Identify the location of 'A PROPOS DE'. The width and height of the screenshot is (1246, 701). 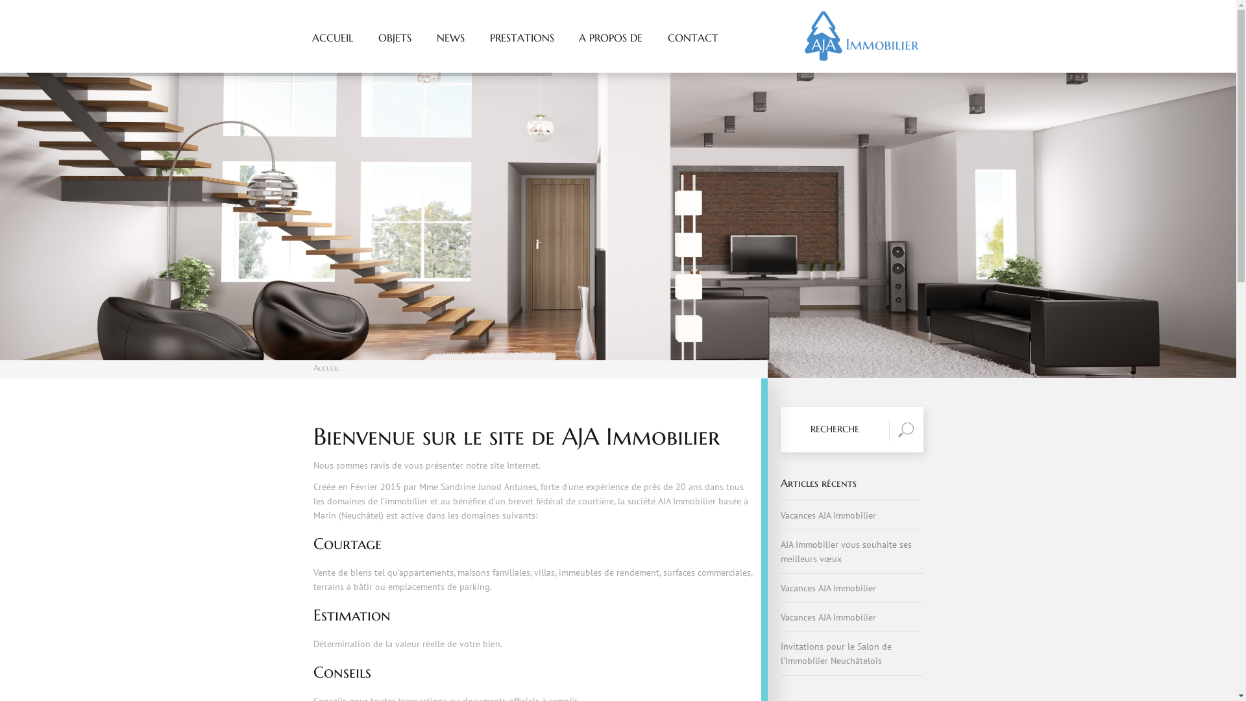
(610, 52).